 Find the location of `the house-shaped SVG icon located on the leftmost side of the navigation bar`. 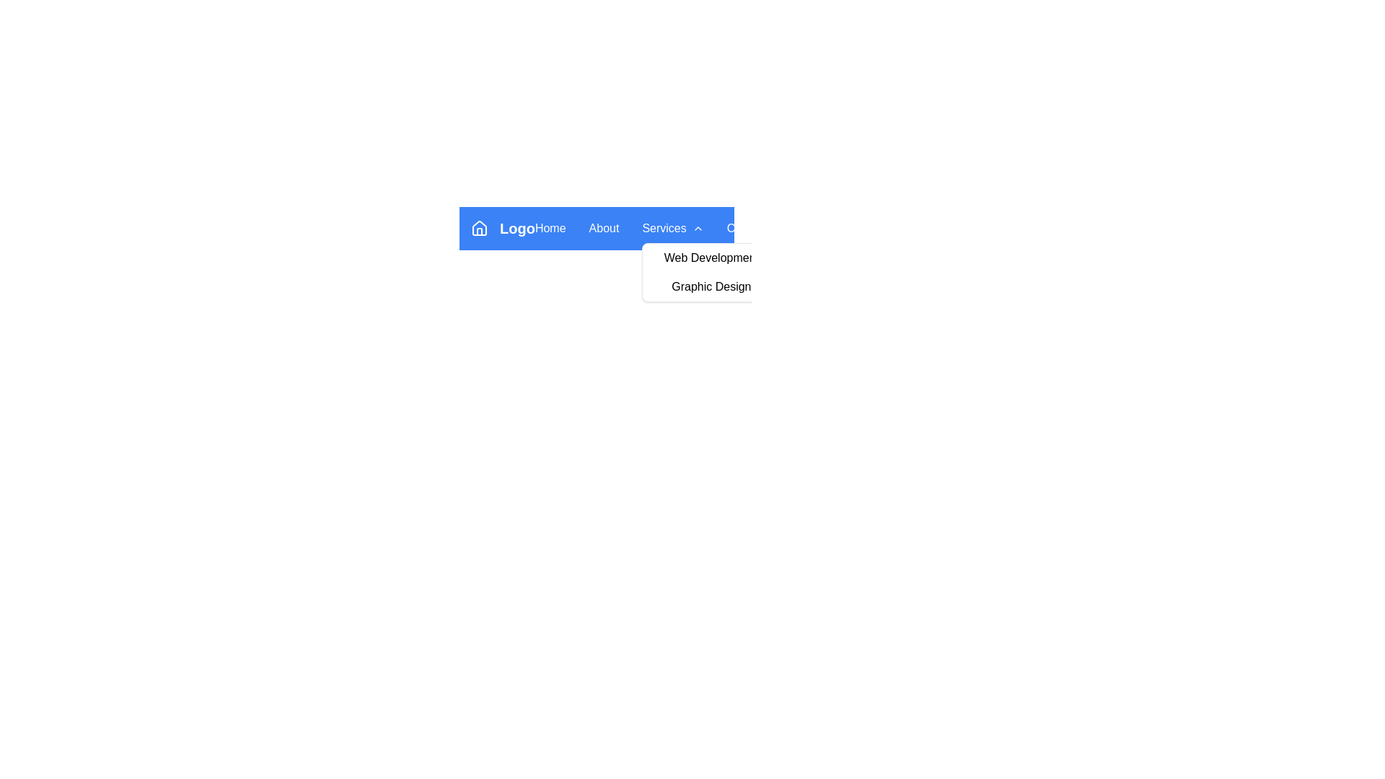

the house-shaped SVG icon located on the leftmost side of the navigation bar is located at coordinates (480, 227).